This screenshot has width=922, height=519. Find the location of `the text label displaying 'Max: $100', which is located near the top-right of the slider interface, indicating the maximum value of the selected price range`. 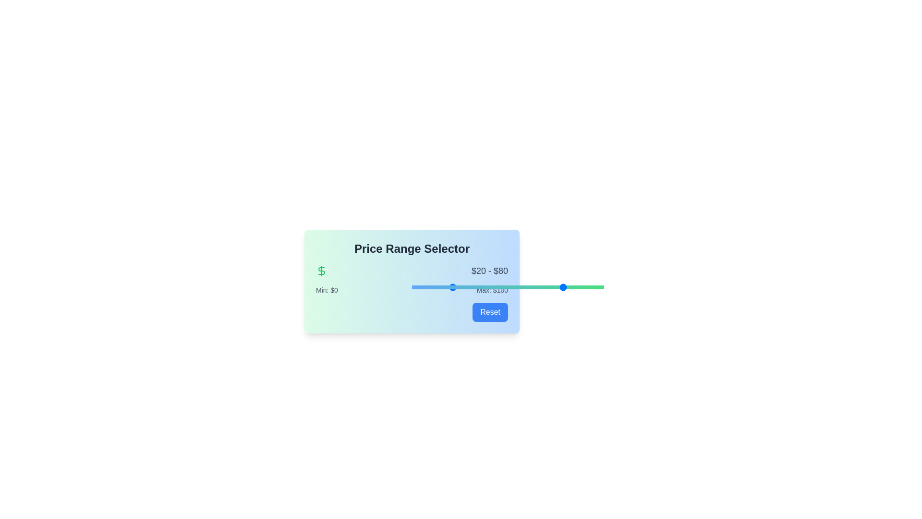

the text label displaying 'Max: $100', which is located near the top-right of the slider interface, indicating the maximum value of the selected price range is located at coordinates (492, 290).